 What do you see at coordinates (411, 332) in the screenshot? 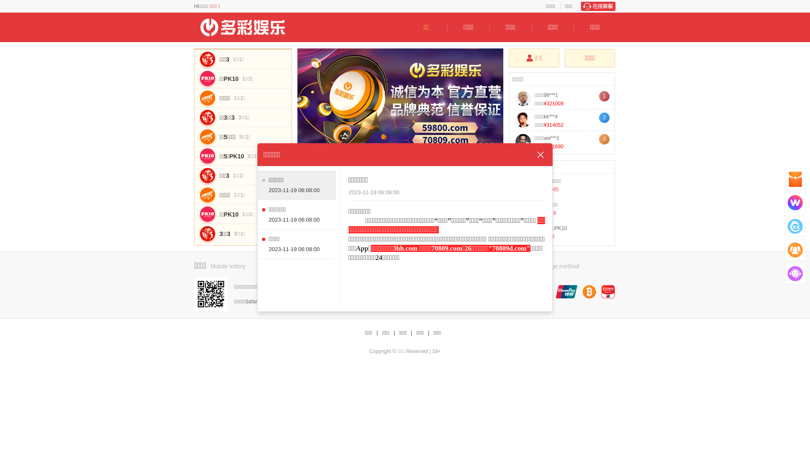
I see `'|'` at bounding box center [411, 332].